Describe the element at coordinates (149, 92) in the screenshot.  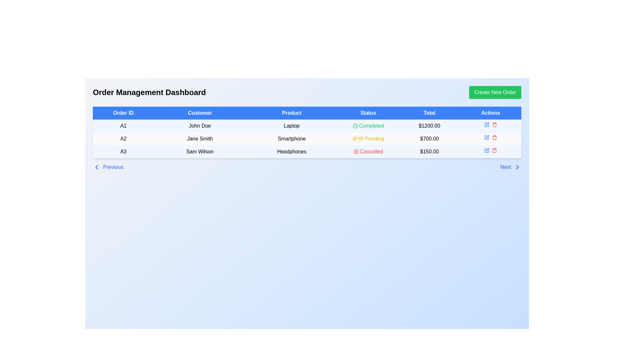
I see `the heading text element that indicates the main purpose of the page, which is to manage orders` at that location.